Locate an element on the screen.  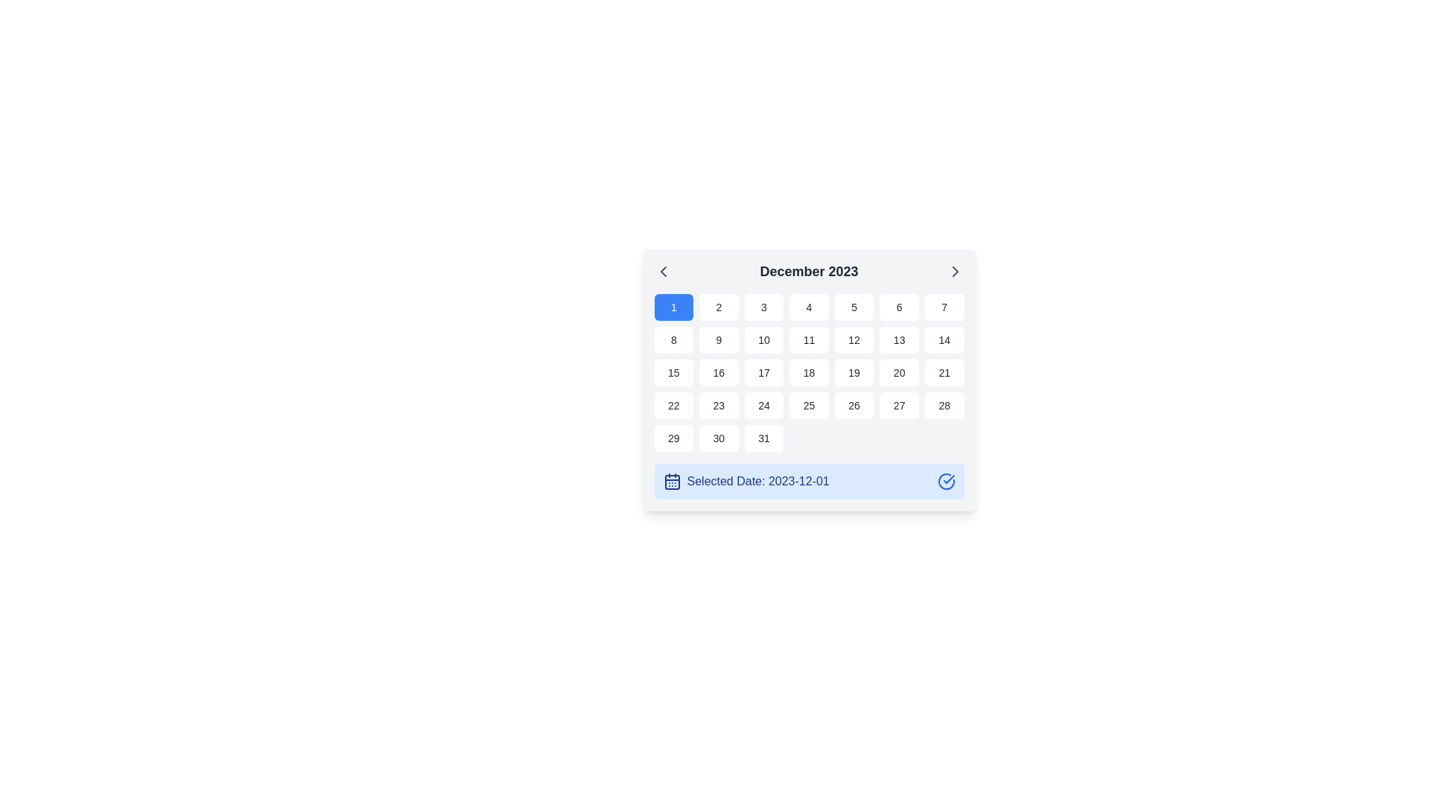
the button representing the date '30' in the calendar, located in the bottom row of the calendar grid, second-to-last item is located at coordinates (719, 438).